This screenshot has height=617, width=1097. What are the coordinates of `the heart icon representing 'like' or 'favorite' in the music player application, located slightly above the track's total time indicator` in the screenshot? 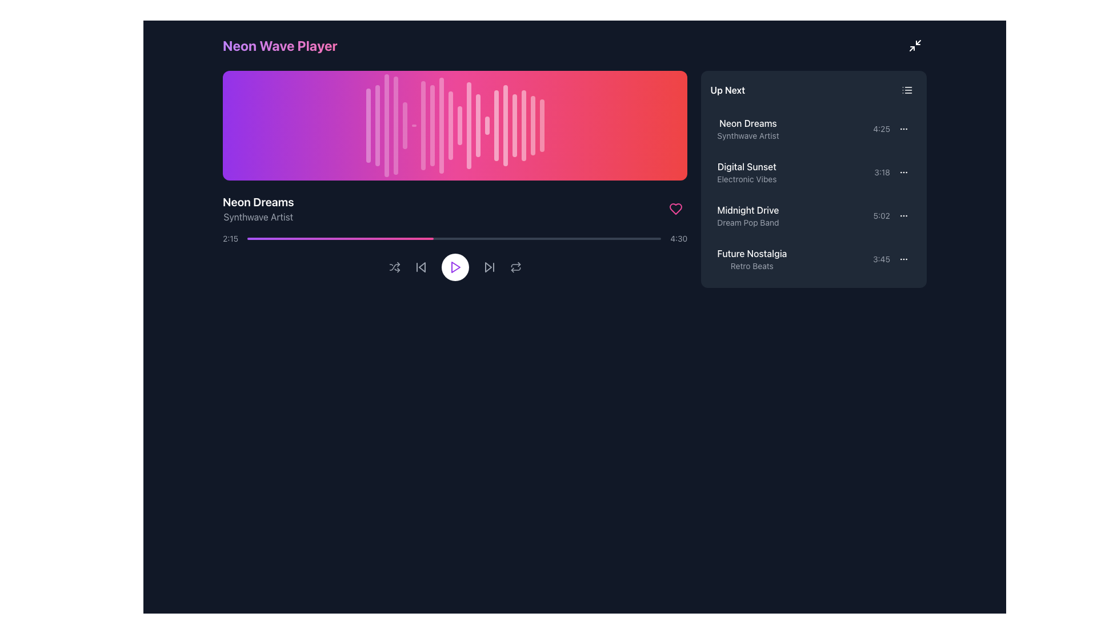 It's located at (676, 209).